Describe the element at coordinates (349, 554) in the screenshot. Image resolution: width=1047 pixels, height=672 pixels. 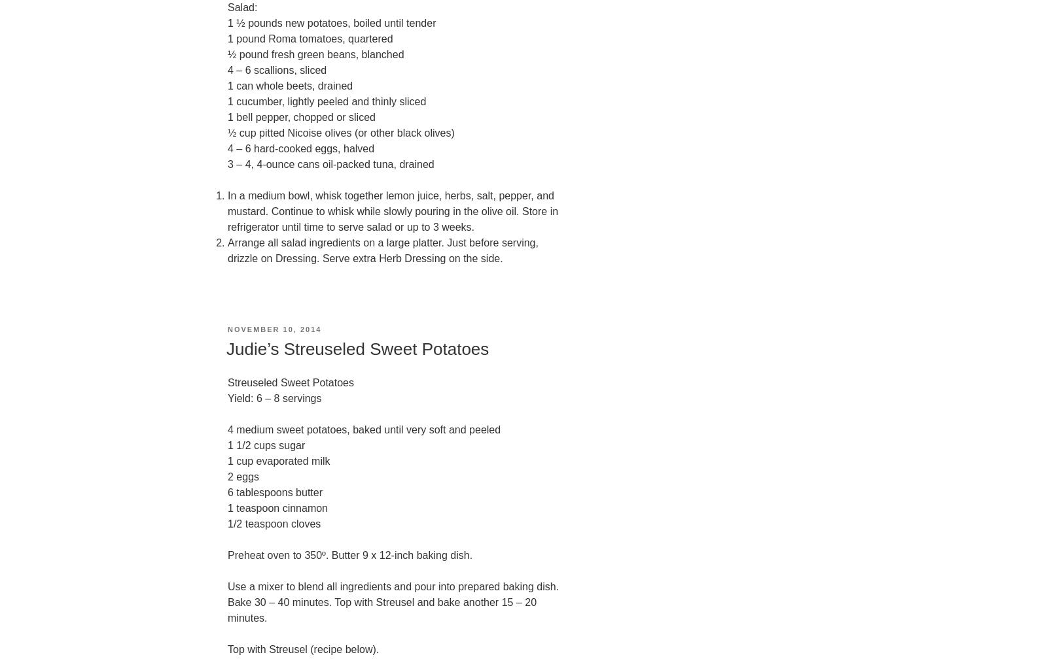
I see `'Preheat oven to 350º. Butter 9 x 12-inch baking dish.'` at that location.